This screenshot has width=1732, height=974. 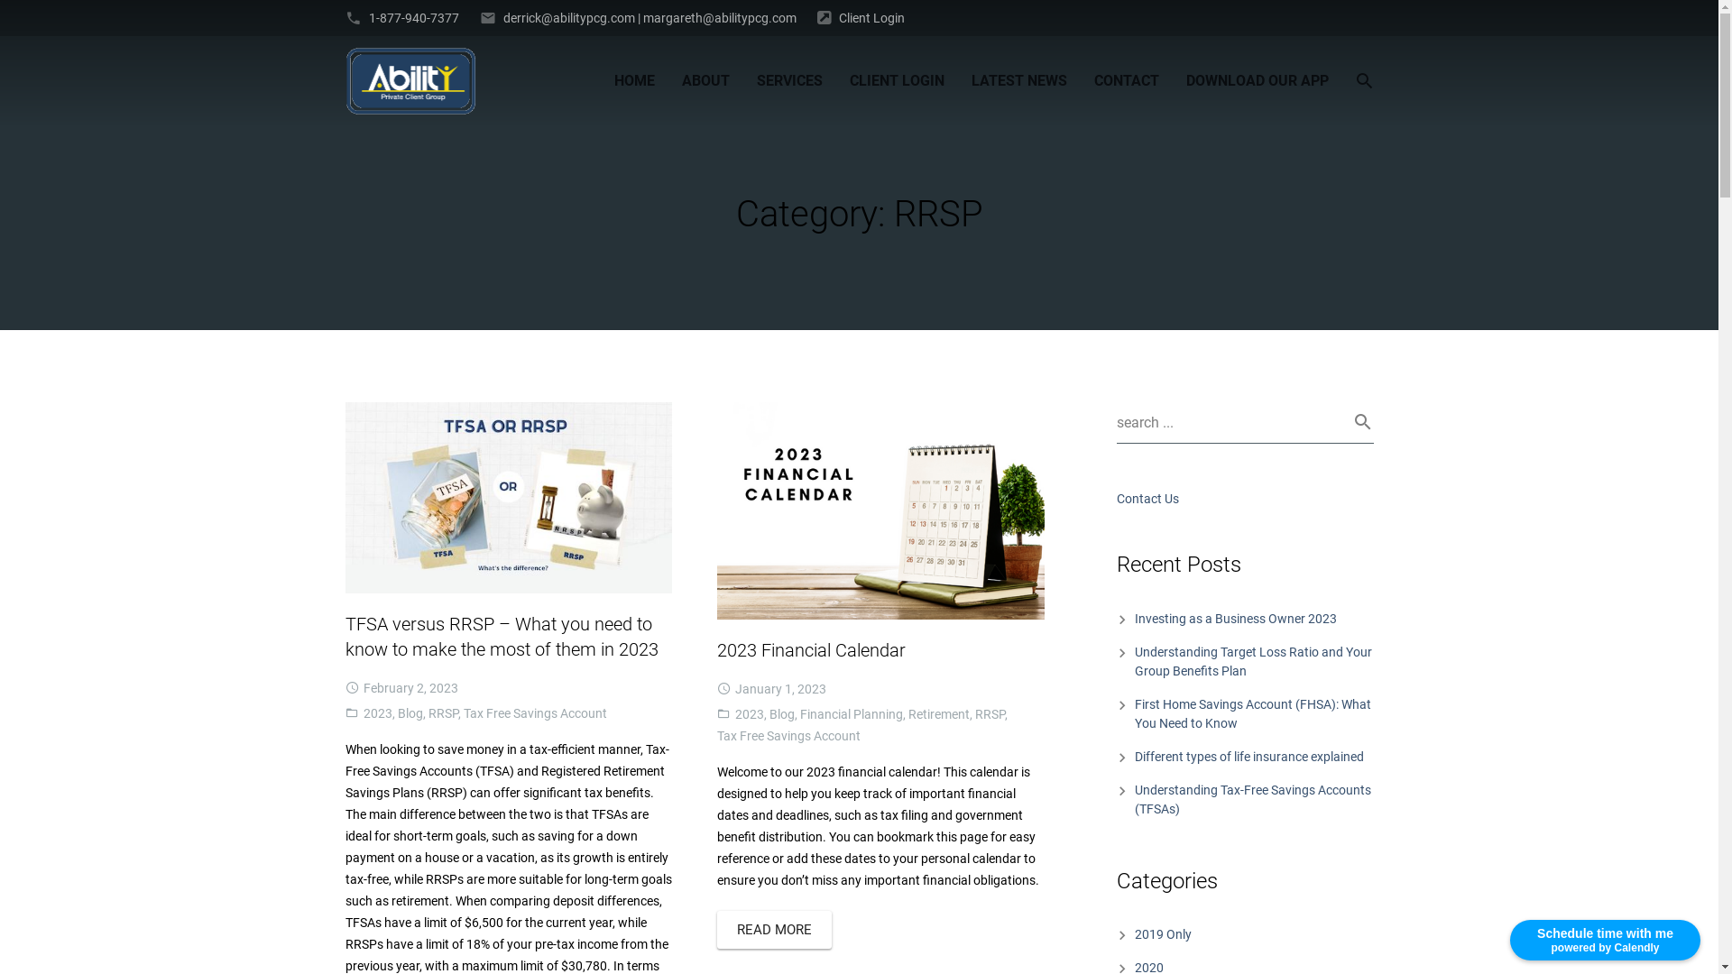 What do you see at coordinates (774, 929) in the screenshot?
I see `'READ MORE'` at bounding box center [774, 929].